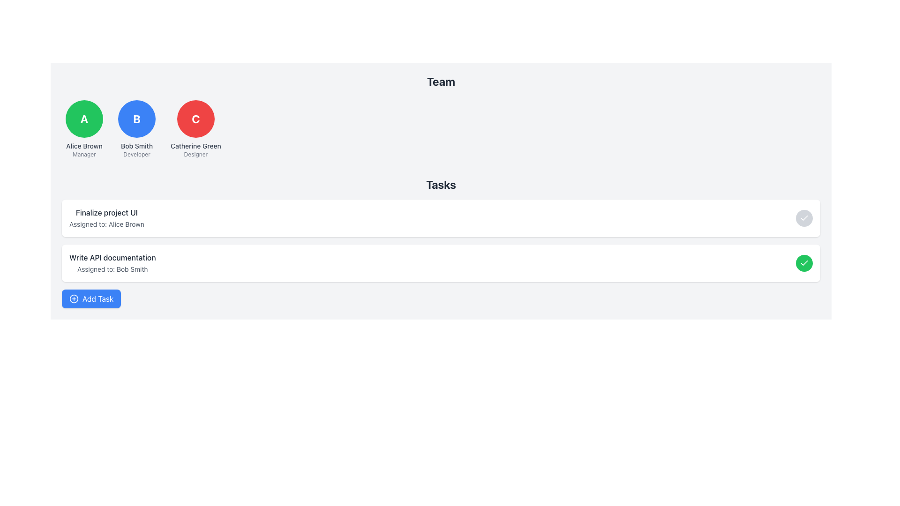  I want to click on the text label reading 'Manager' located below 'Alice Brown' in the profile card, so click(84, 154).